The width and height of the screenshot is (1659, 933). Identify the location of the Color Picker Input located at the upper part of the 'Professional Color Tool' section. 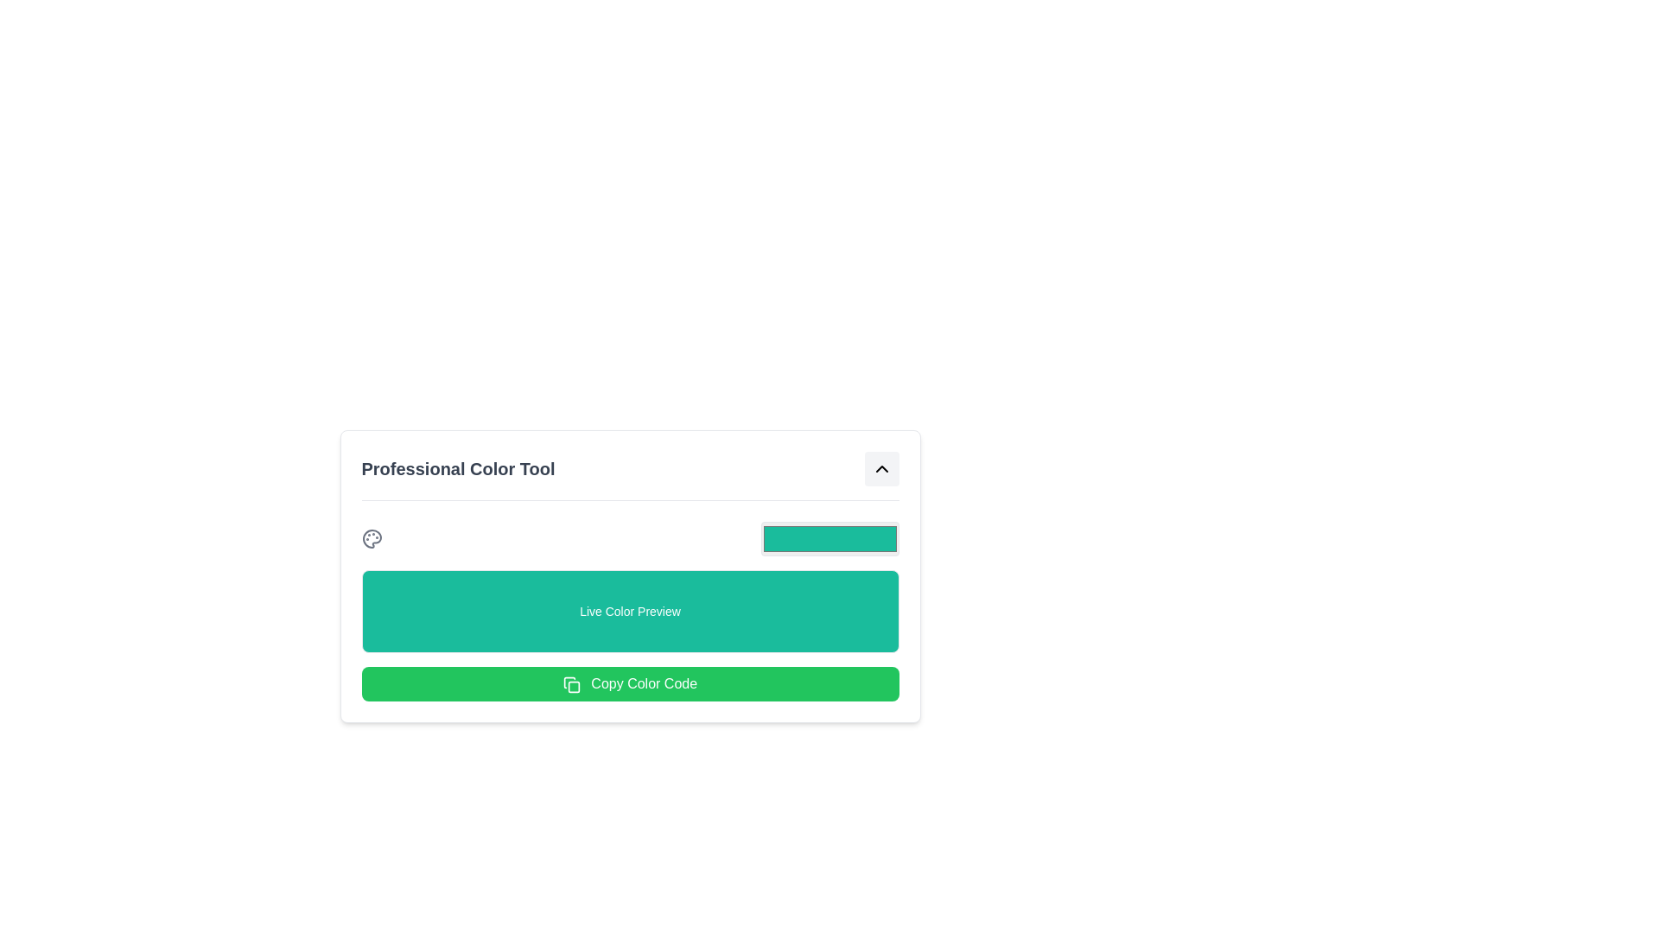
(629, 538).